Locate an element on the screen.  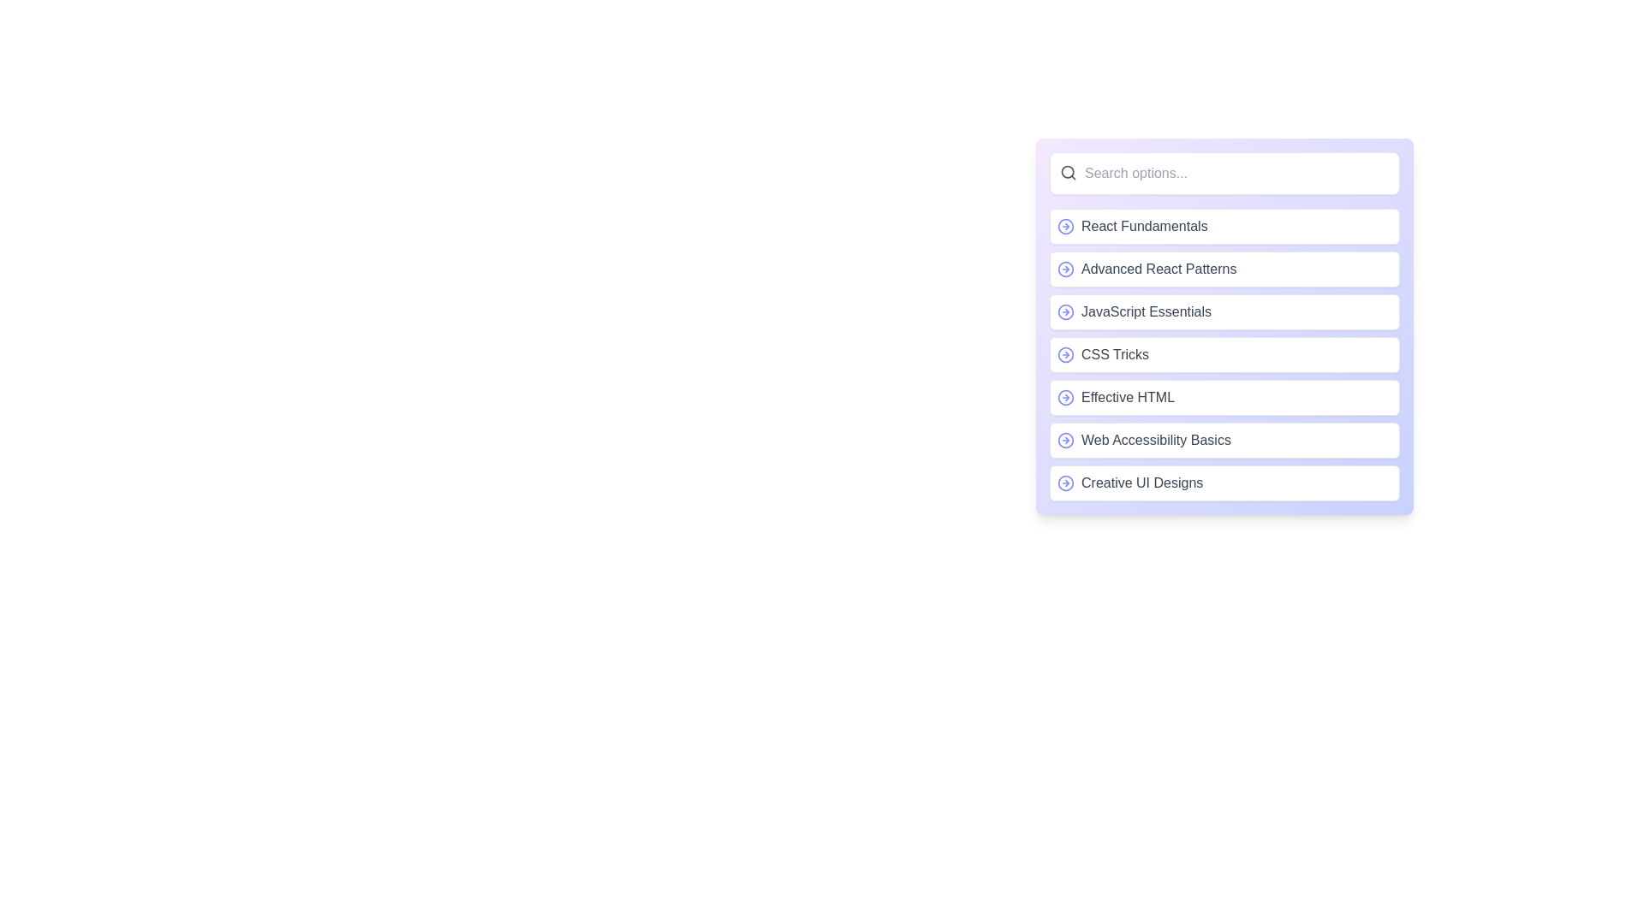
the first list item box labeled 'React Fundamentals' is located at coordinates (1224, 226).